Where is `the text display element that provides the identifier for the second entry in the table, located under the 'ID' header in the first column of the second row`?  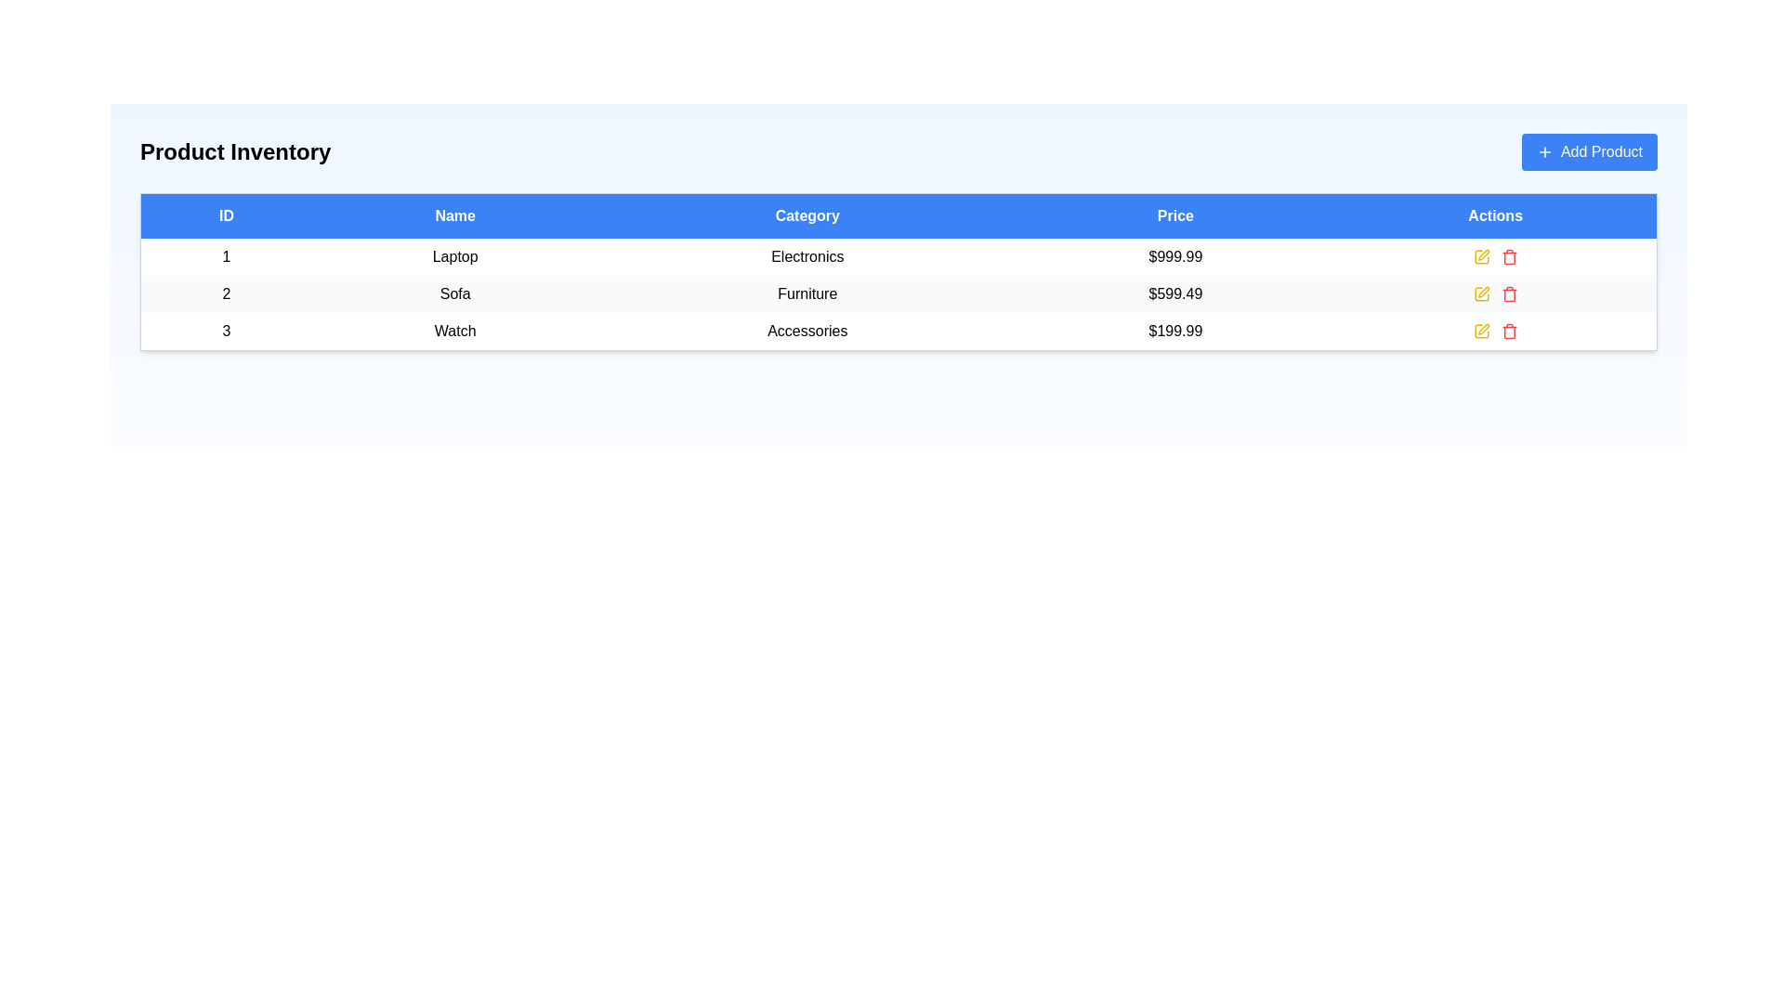 the text display element that provides the identifier for the second entry in the table, located under the 'ID' header in the first column of the second row is located at coordinates (225, 293).